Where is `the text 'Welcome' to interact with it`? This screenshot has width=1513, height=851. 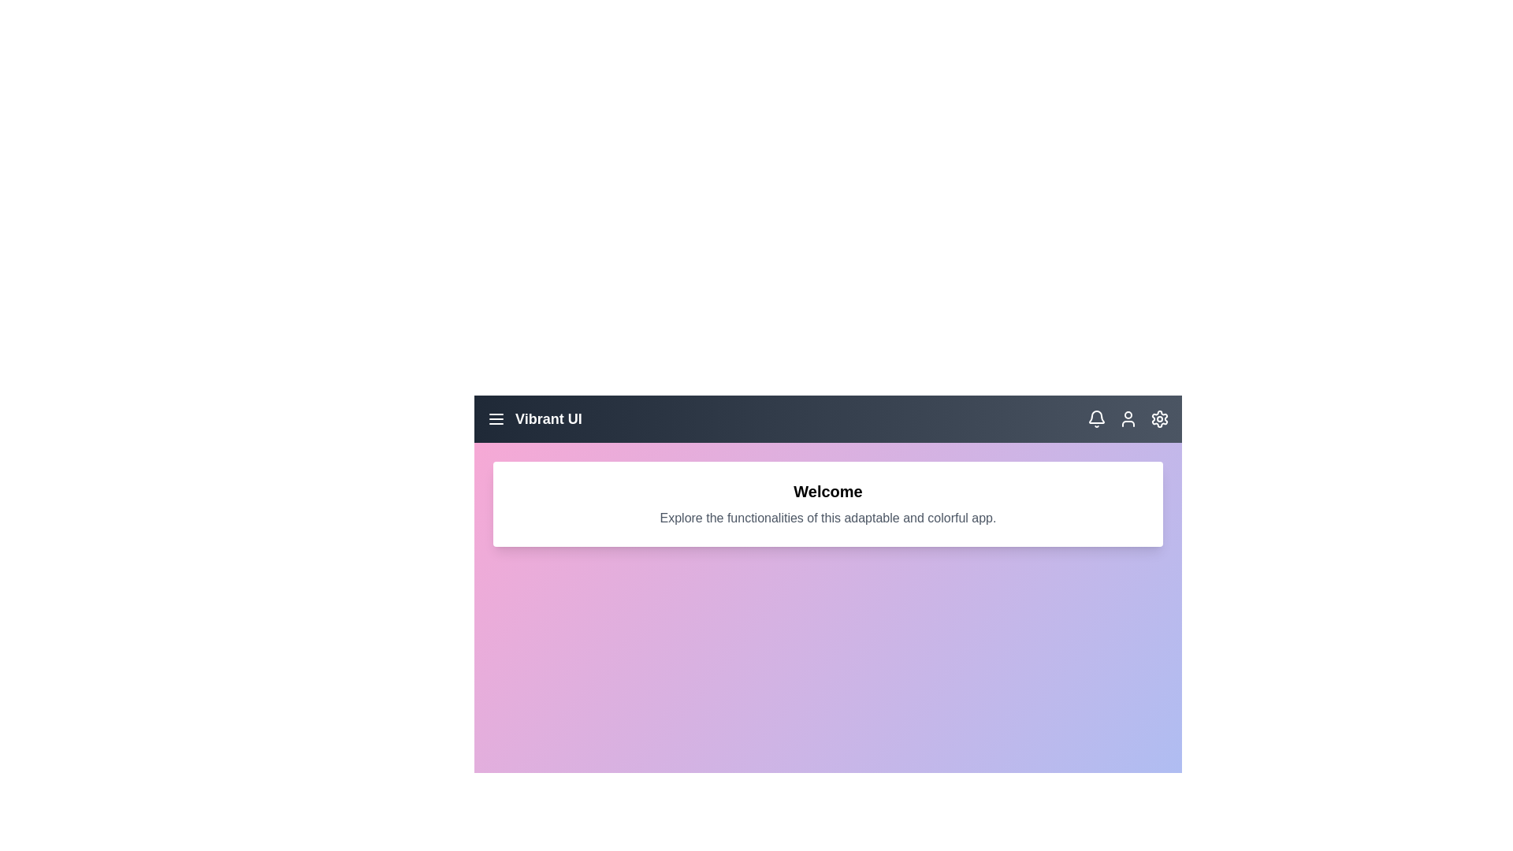
the text 'Welcome' to interact with it is located at coordinates (827, 491).